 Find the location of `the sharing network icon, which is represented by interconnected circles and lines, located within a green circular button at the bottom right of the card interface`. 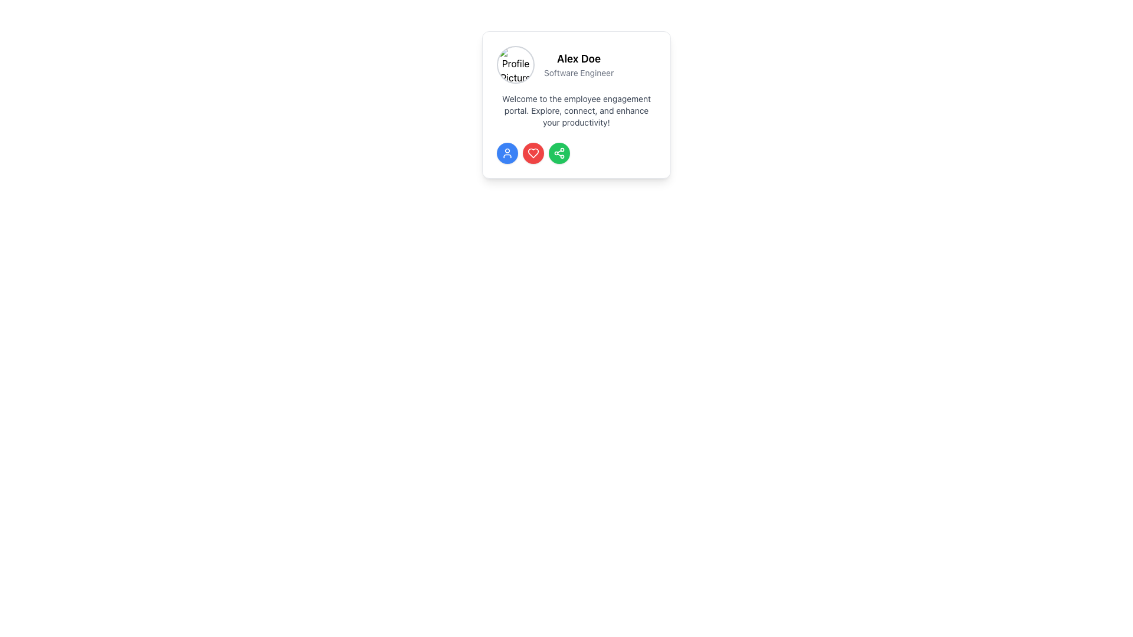

the sharing network icon, which is represented by interconnected circles and lines, located within a green circular button at the bottom right of the card interface is located at coordinates (559, 152).